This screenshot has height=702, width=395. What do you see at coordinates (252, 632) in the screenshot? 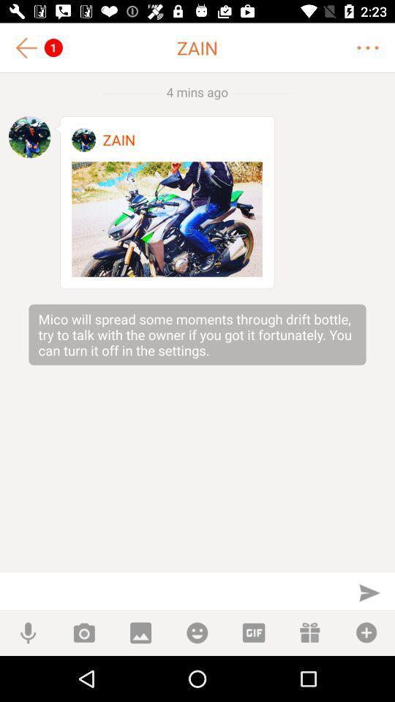
I see `open gif gallery` at bounding box center [252, 632].